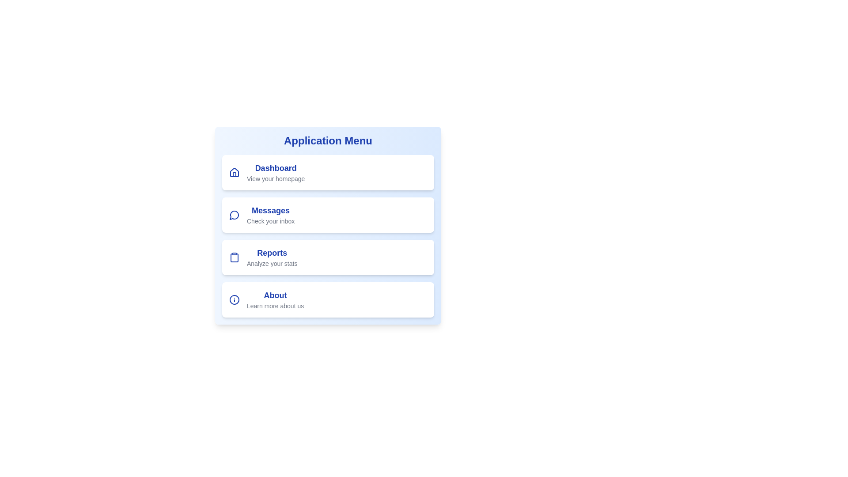 The height and width of the screenshot is (477, 848). Describe the element at coordinates (328, 299) in the screenshot. I see `the menu item About to navigate` at that location.